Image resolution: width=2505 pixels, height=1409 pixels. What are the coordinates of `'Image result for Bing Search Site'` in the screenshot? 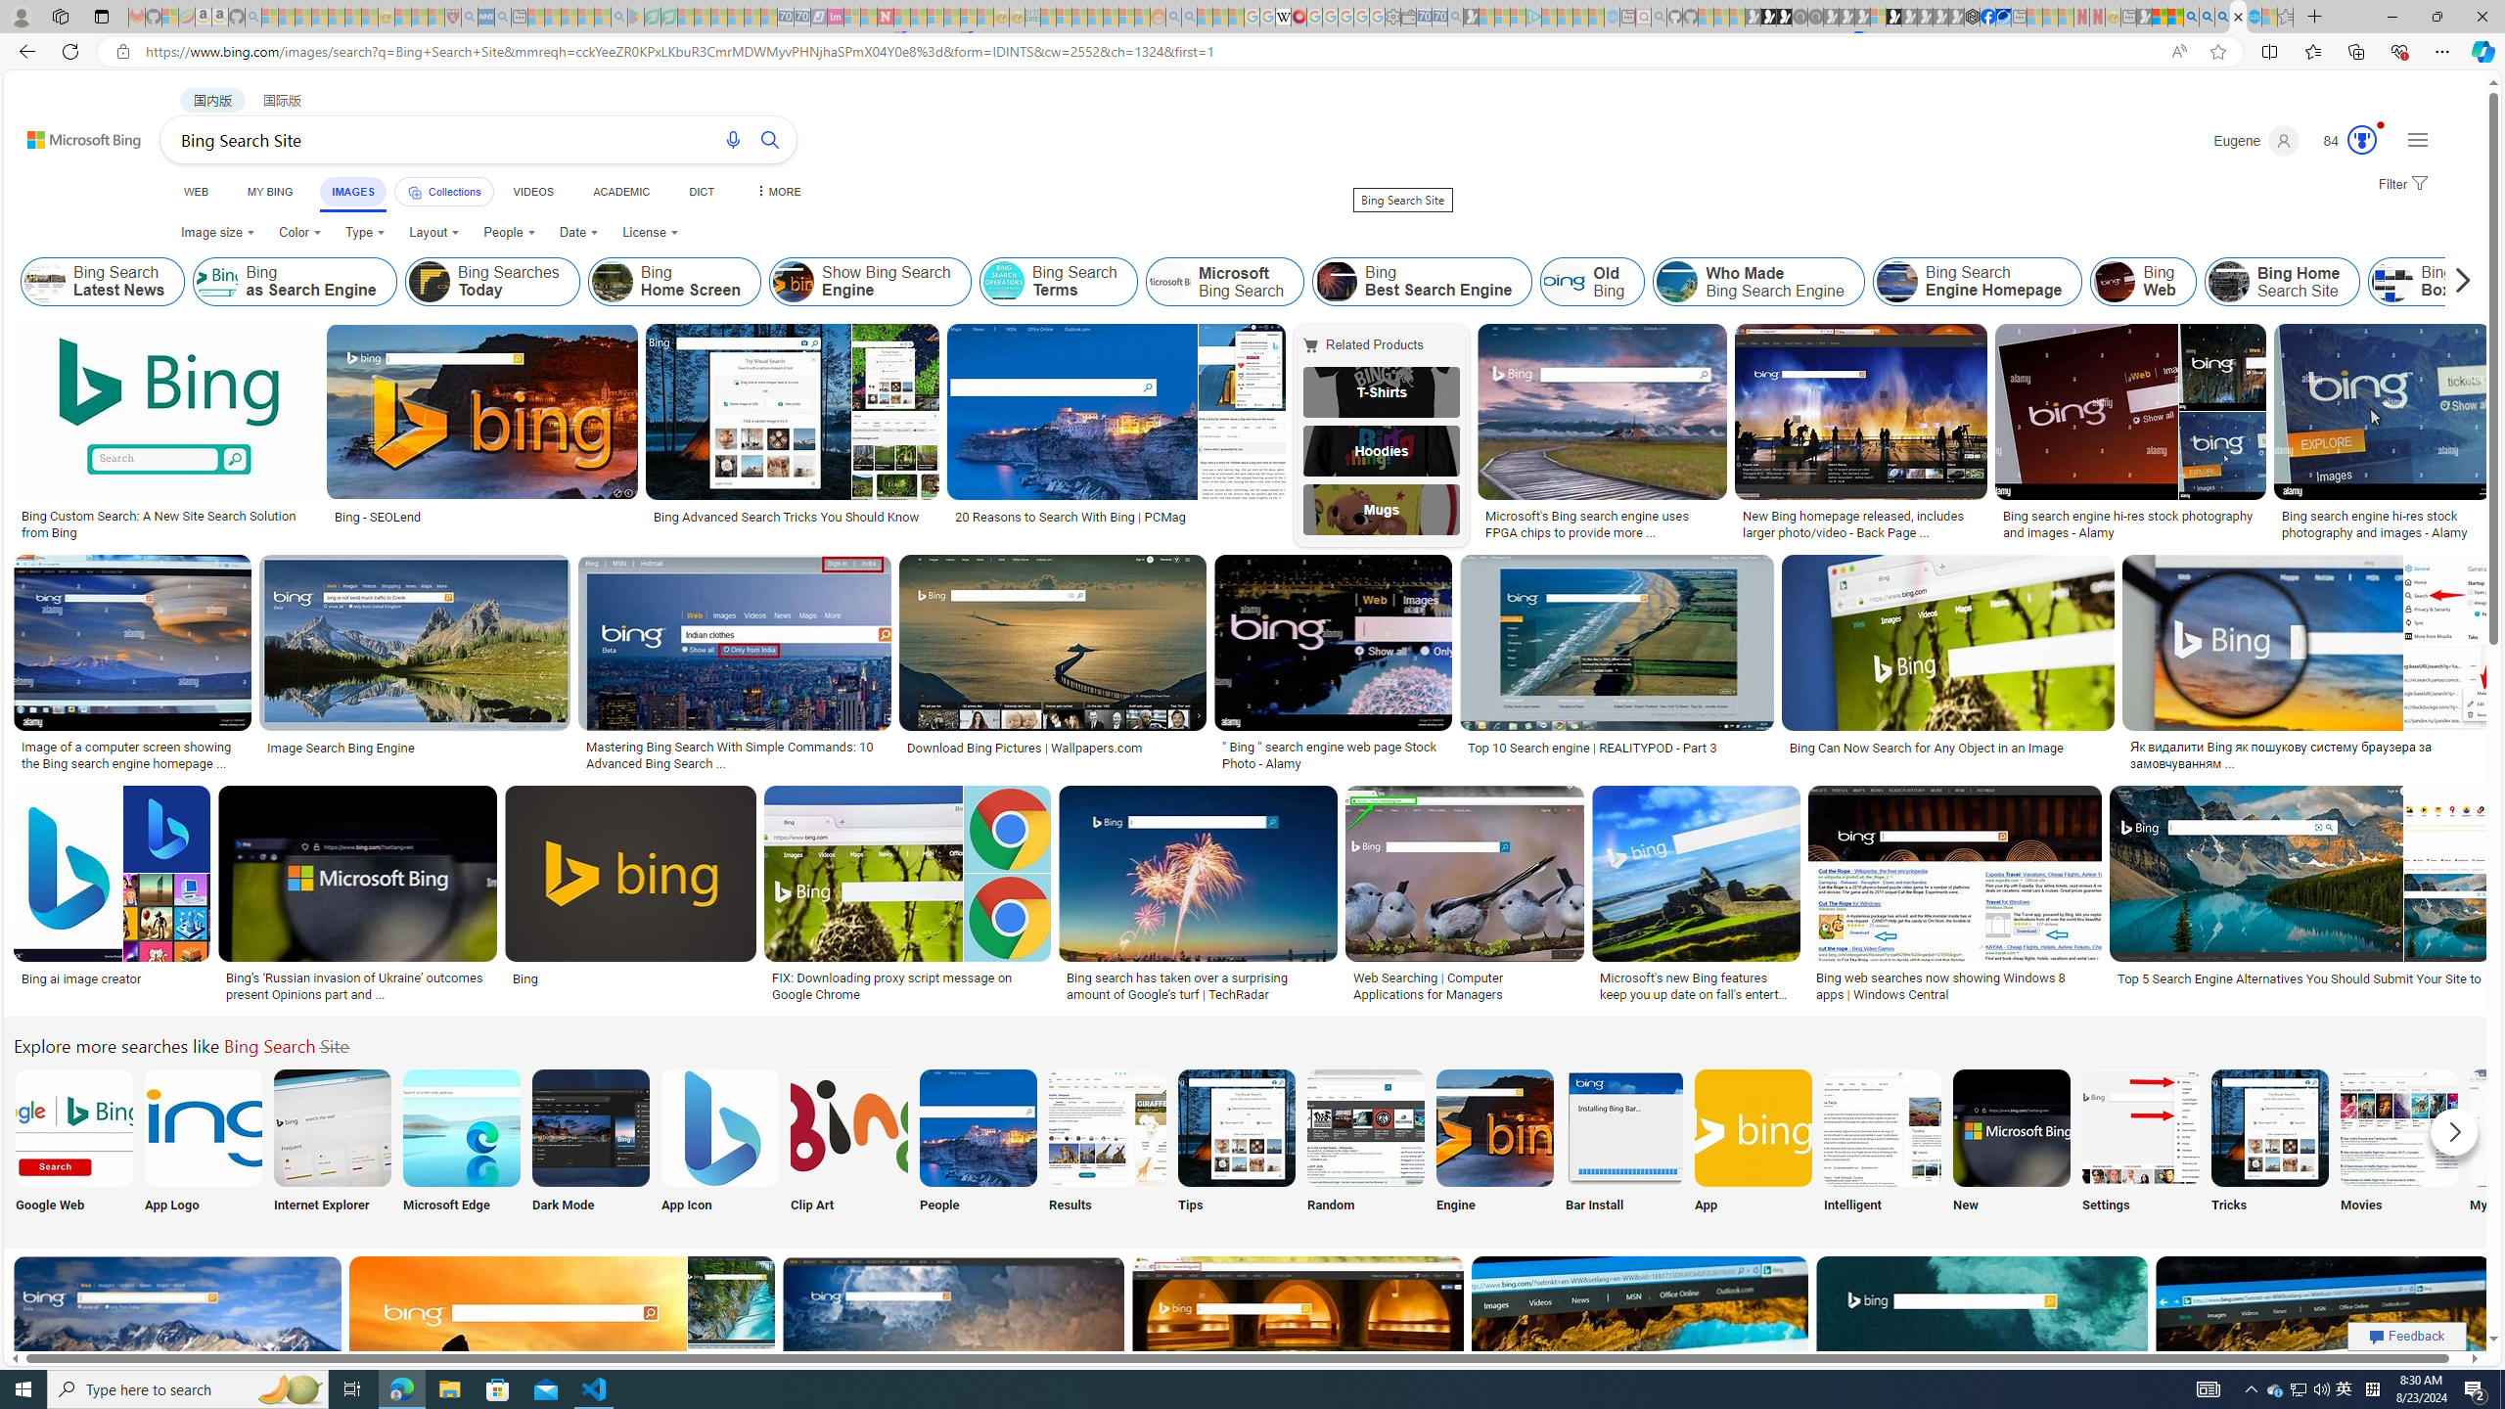 It's located at (2323, 1342).